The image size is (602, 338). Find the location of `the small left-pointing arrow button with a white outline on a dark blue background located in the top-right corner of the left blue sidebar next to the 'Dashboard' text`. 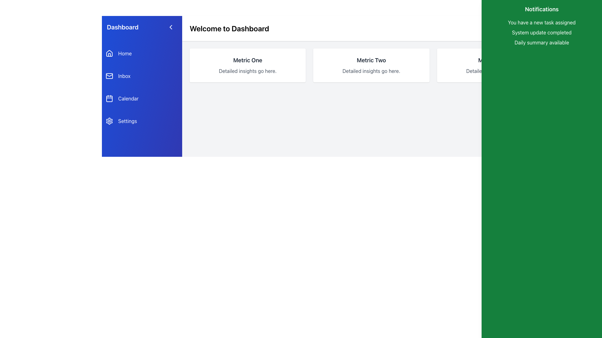

the small left-pointing arrow button with a white outline on a dark blue background located in the top-right corner of the left blue sidebar next to the 'Dashboard' text is located at coordinates (171, 27).